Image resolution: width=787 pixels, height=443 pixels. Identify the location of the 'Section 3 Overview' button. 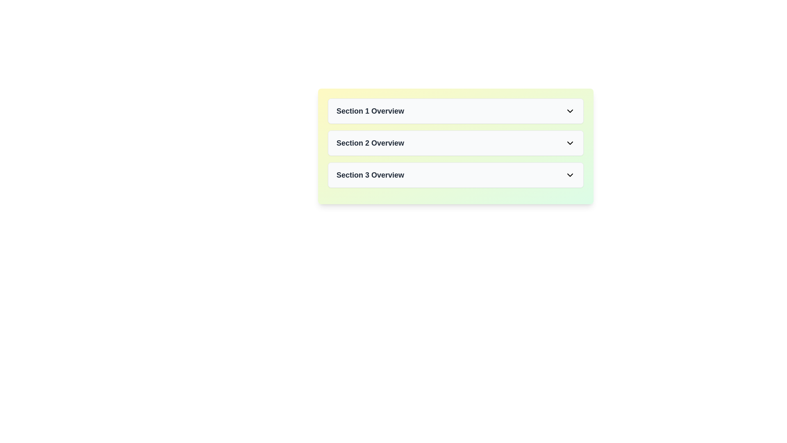
(455, 175).